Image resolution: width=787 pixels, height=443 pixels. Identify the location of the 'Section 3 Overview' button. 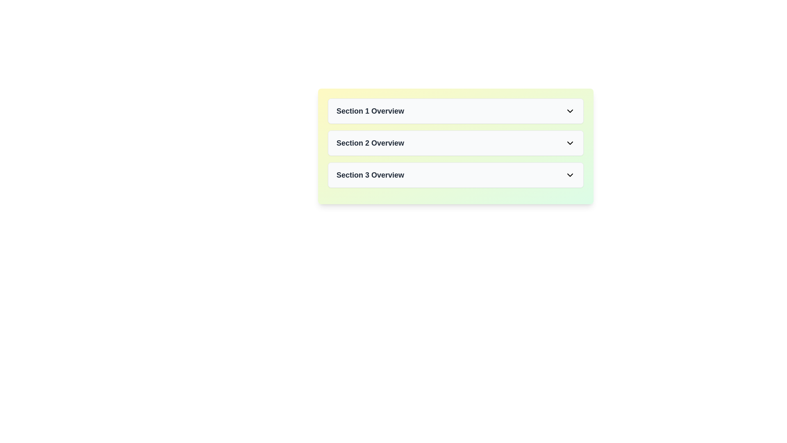
(455, 175).